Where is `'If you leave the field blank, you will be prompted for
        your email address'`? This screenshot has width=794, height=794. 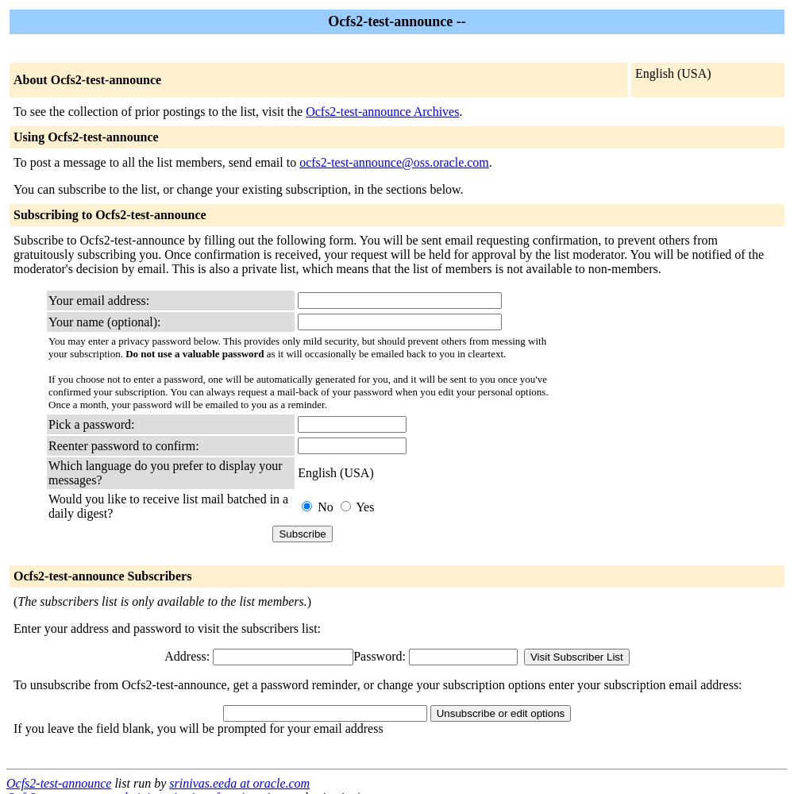
'If you leave the field blank, you will be prompted for
        your email address' is located at coordinates (197, 728).